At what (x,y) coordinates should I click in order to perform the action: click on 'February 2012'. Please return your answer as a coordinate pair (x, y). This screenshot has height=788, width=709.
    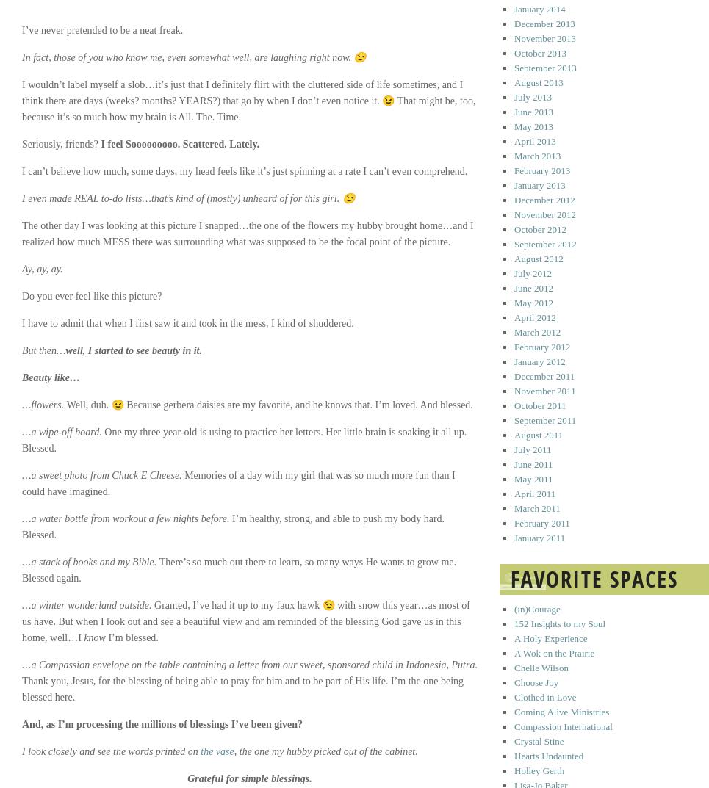
    Looking at the image, I should click on (542, 347).